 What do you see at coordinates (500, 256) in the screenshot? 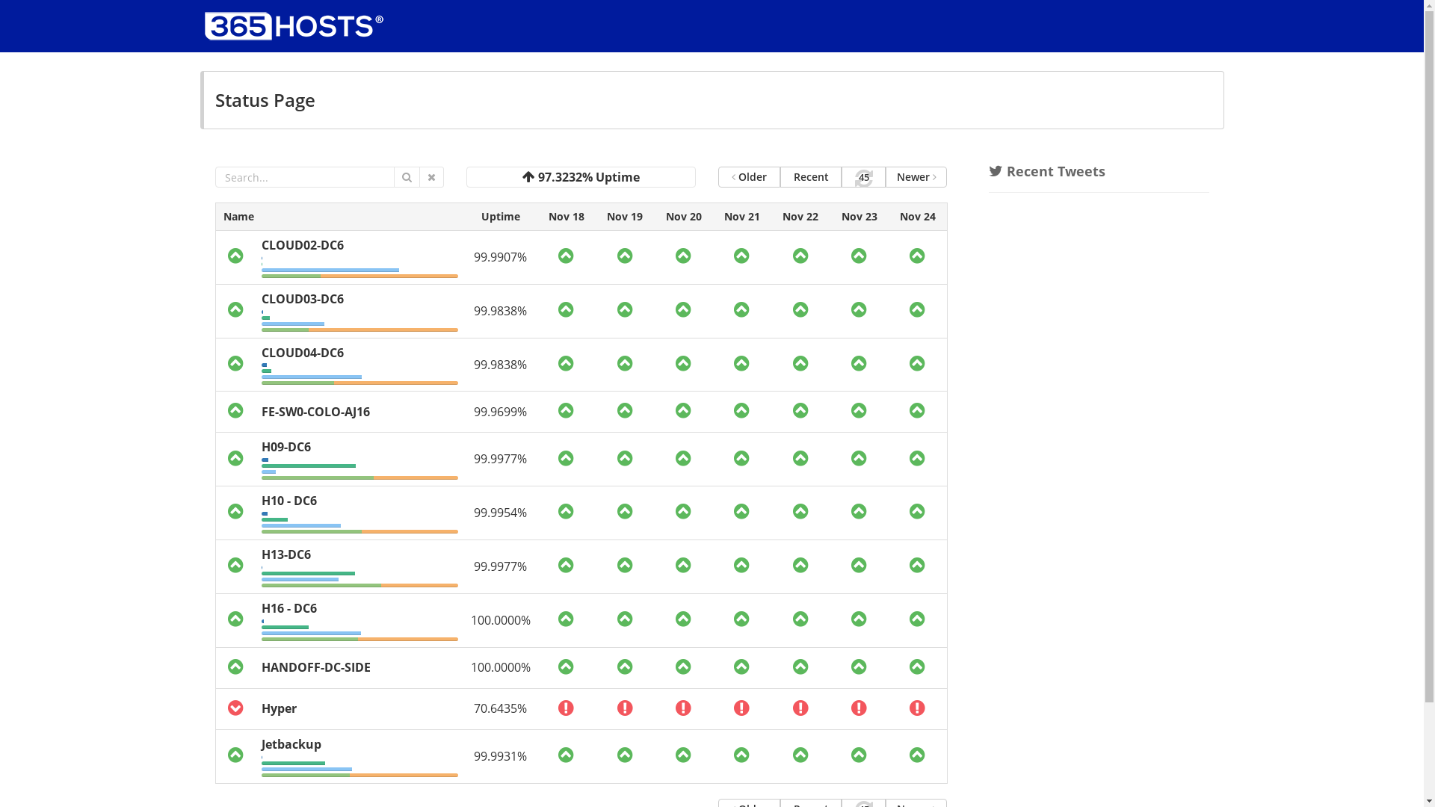
I see `'99.9907%'` at bounding box center [500, 256].